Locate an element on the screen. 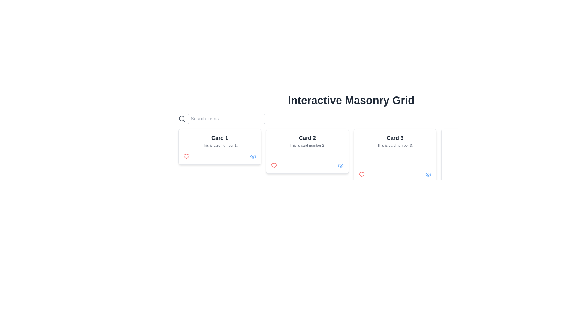 The image size is (576, 324). the heart-shaped interactive icon to like or favorite the associated card located beneath 'Card 2' in the masonry grid is located at coordinates (274, 165).